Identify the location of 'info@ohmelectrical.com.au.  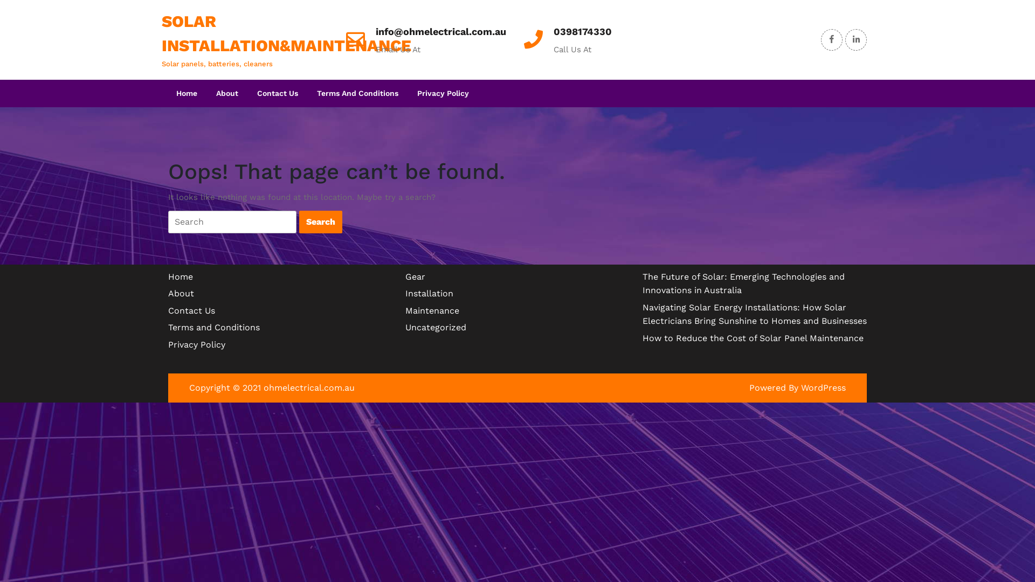
(440, 31).